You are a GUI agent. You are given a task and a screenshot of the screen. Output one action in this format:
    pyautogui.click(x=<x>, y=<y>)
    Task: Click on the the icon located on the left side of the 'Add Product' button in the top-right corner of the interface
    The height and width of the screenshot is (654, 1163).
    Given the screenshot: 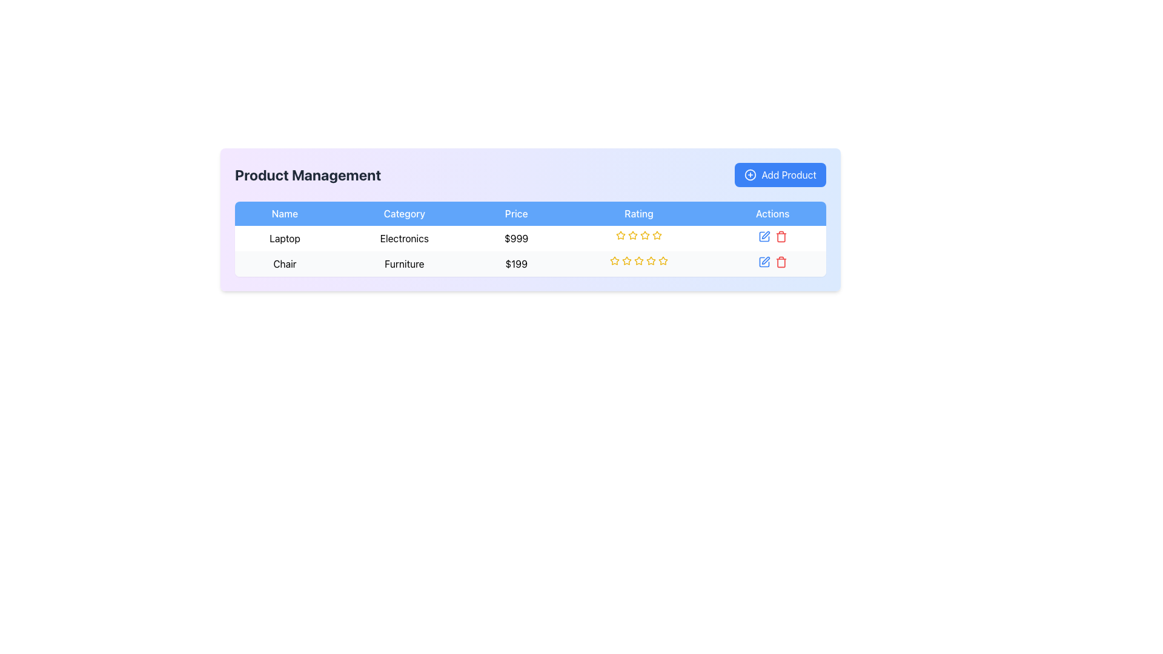 What is the action you would take?
    pyautogui.click(x=749, y=175)
    